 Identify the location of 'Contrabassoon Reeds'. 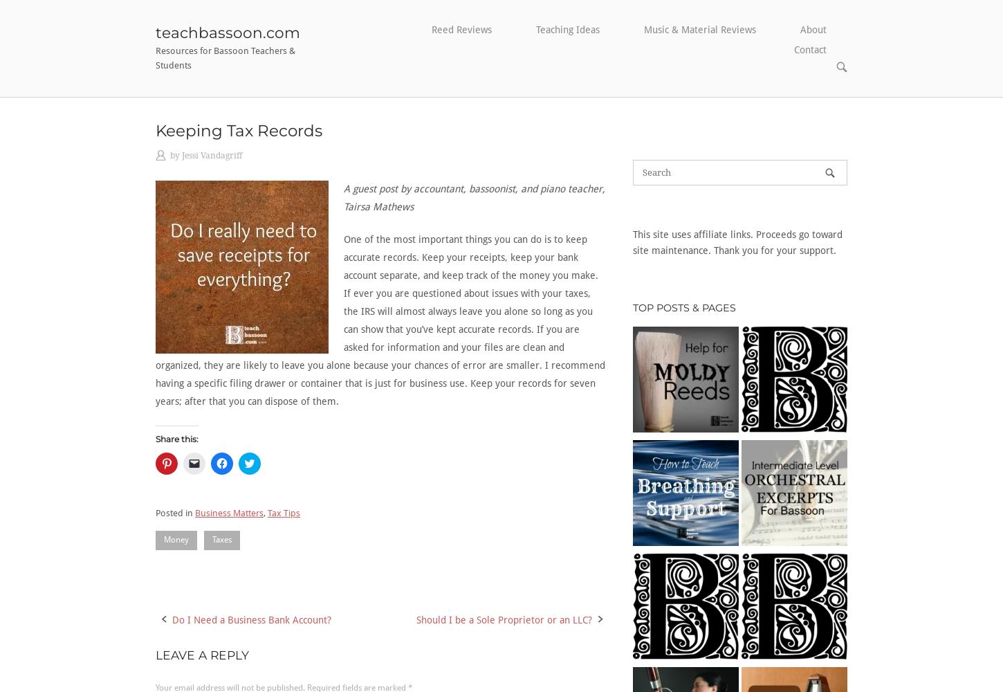
(461, 84).